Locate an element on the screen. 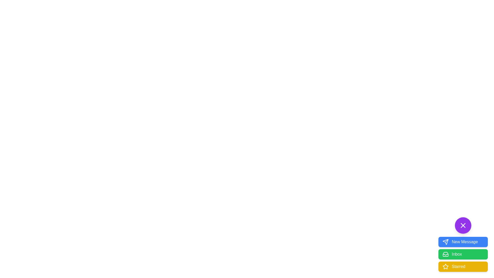 The width and height of the screenshot is (494, 278). the 'Send' or 'New Message' button, which is the first icon in the stack of interactive buttons located at the lower right corner, above the 'Inbox' rectangle and below the rounded purple 'X' icon is located at coordinates (445, 242).